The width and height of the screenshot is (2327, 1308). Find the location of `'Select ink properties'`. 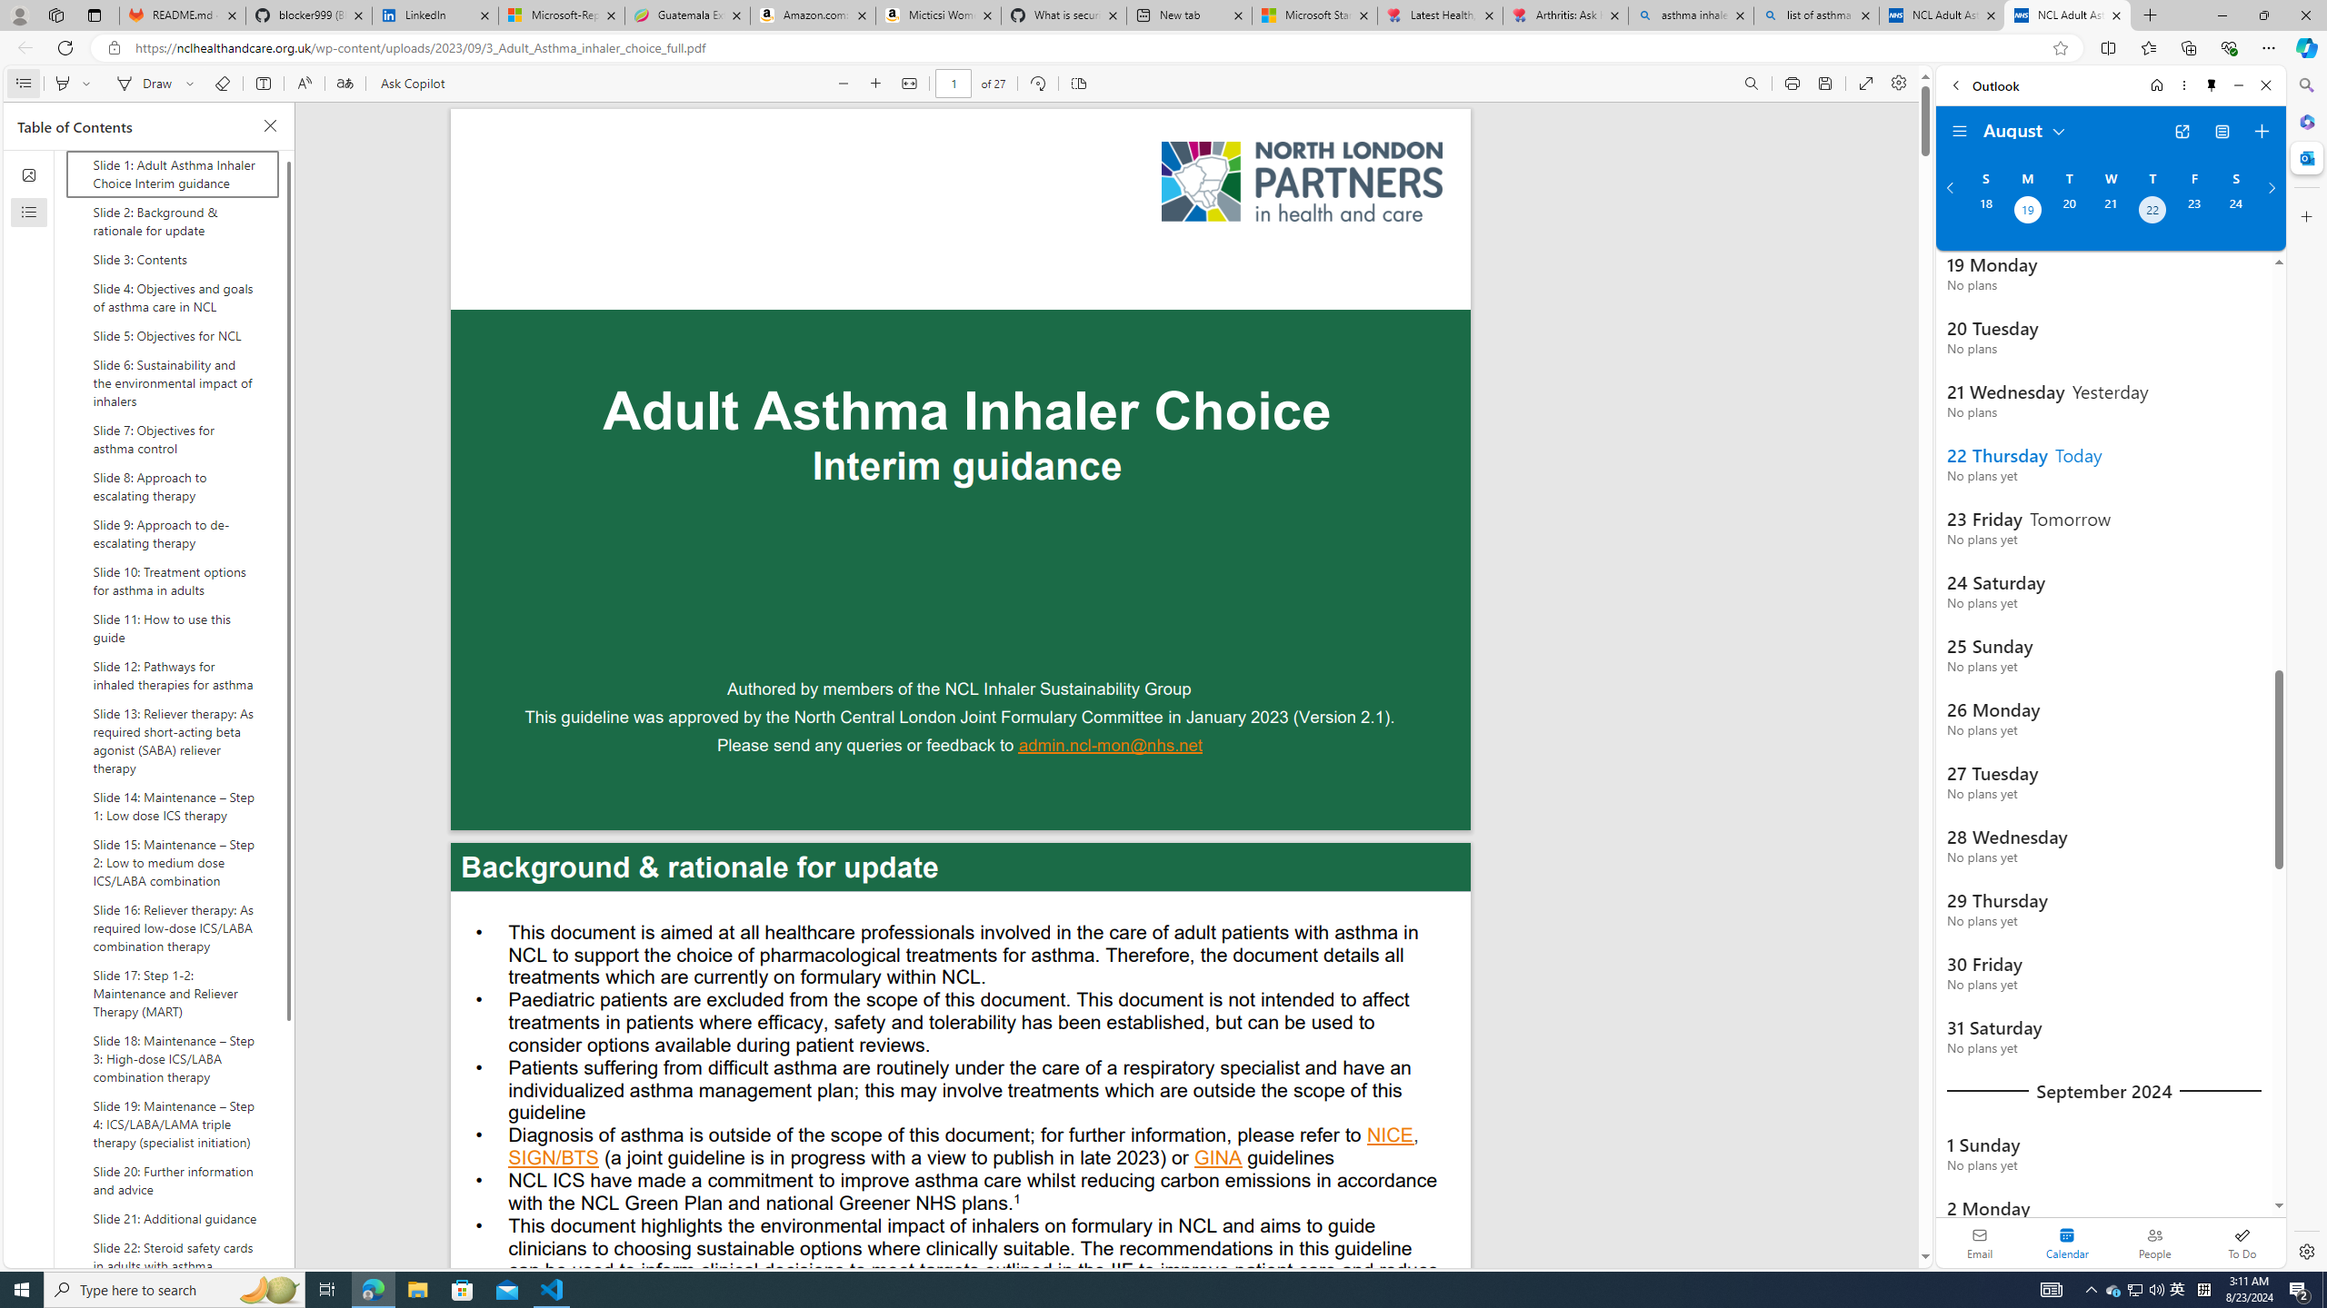

'Select ink properties' is located at coordinates (192, 83).